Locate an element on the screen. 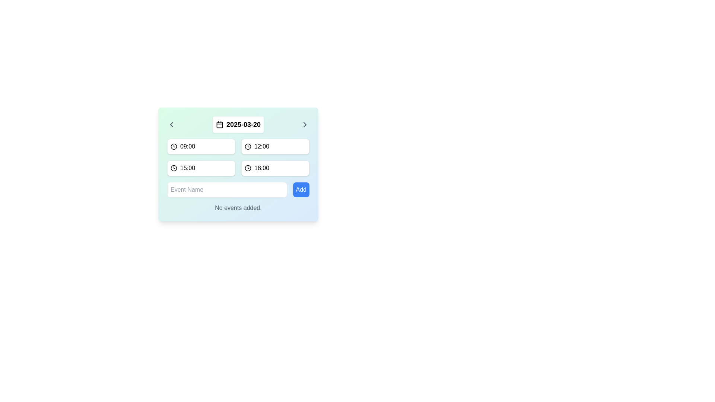 This screenshot has width=715, height=402. the central SVG rectangle that represents the main body of the calendar symbol within the icon, located at the top-left side of the card interface is located at coordinates (219, 124).